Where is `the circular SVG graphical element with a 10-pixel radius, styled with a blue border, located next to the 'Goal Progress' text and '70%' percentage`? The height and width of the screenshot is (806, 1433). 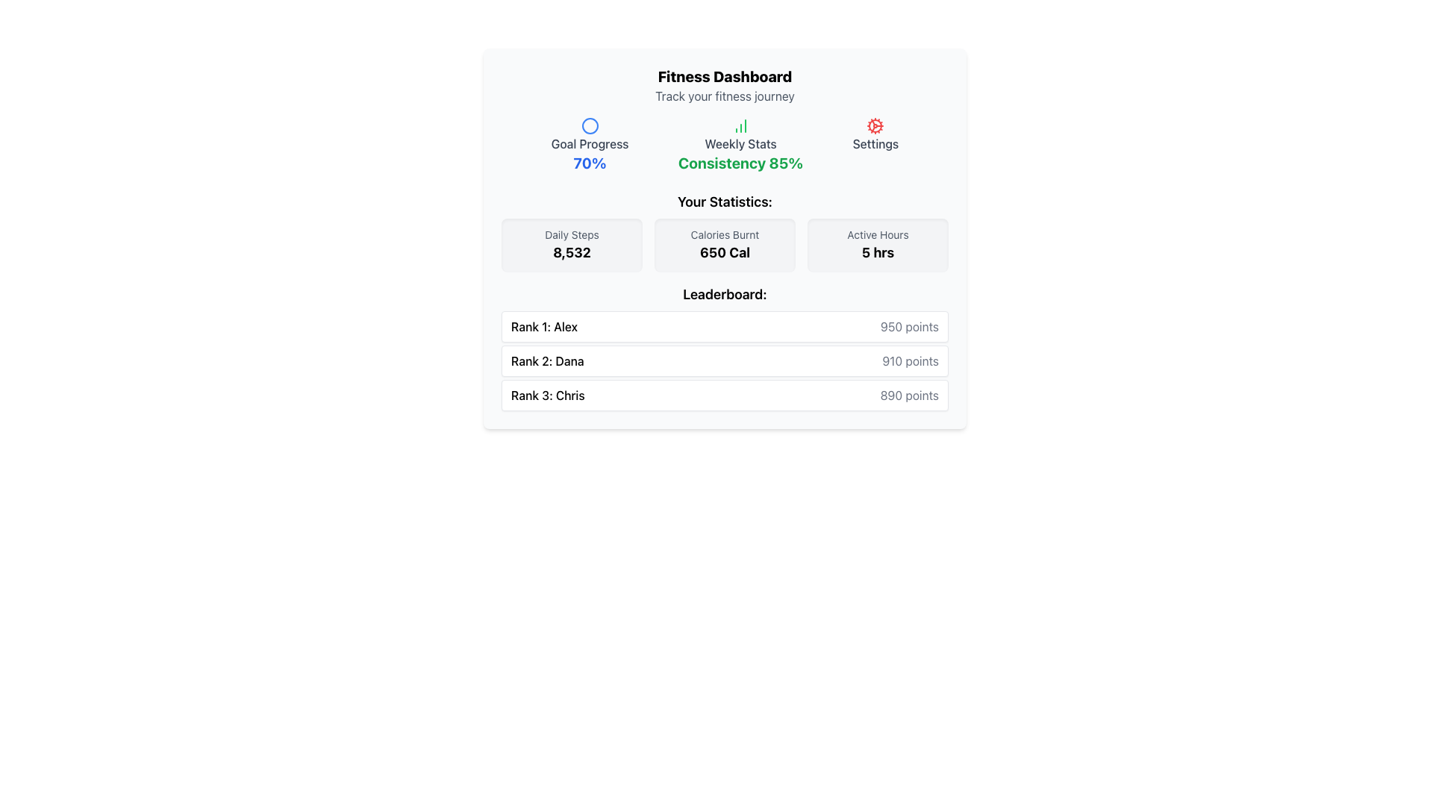 the circular SVG graphical element with a 10-pixel radius, styled with a blue border, located next to the 'Goal Progress' text and '70%' percentage is located at coordinates (589, 125).